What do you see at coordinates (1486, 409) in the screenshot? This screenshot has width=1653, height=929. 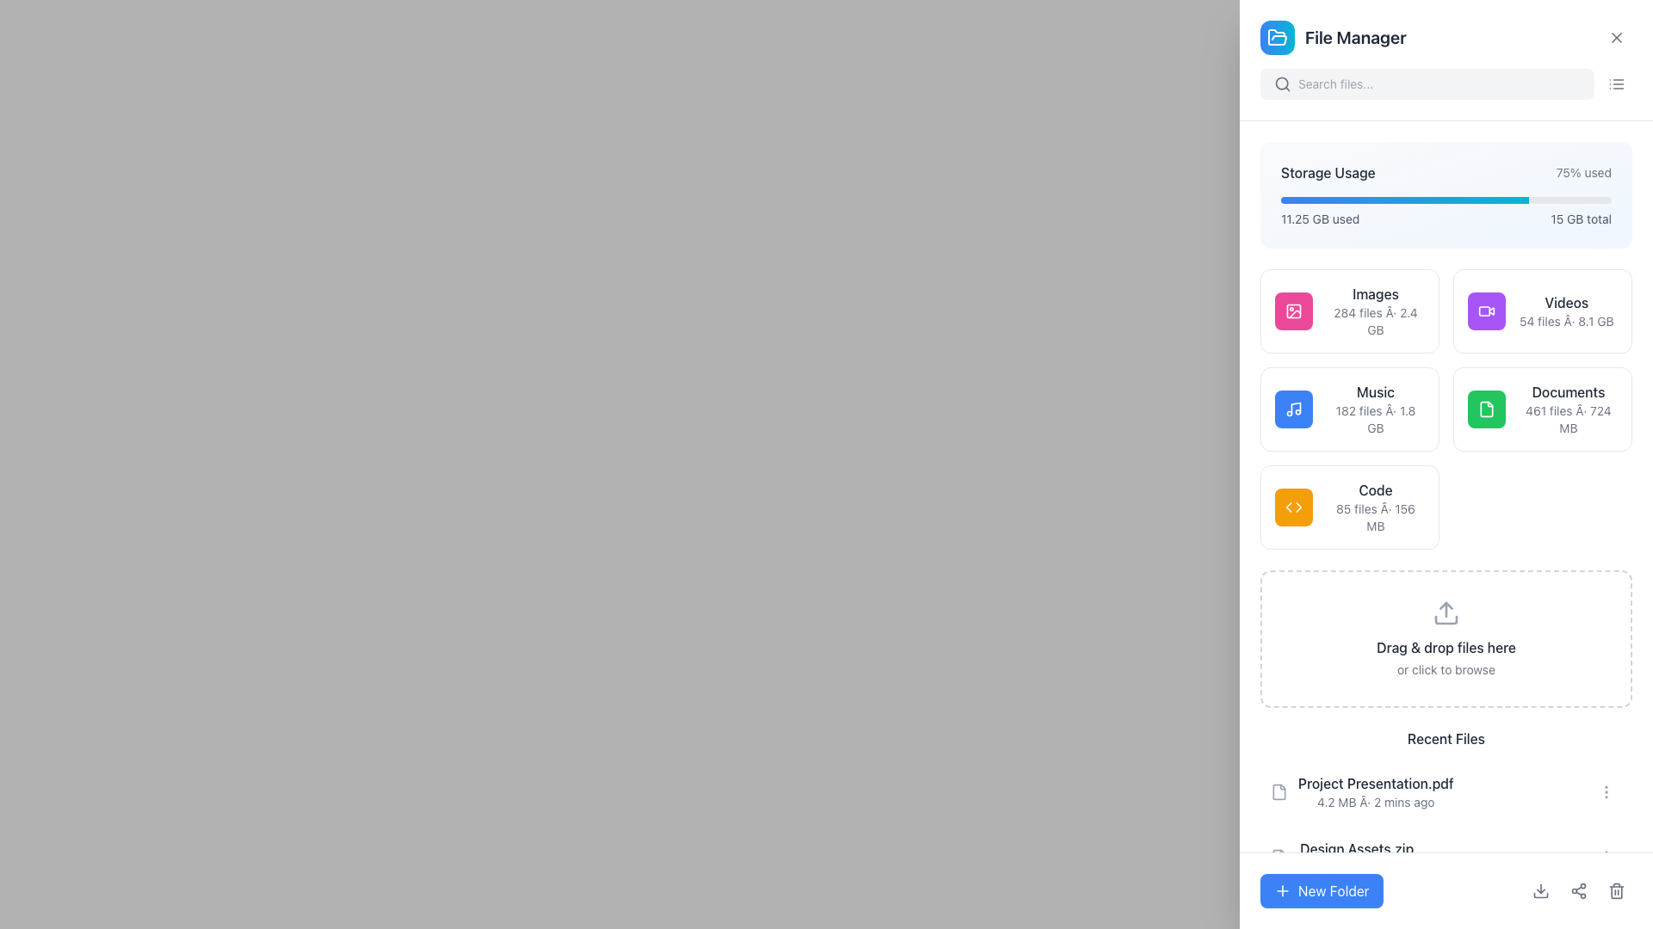 I see `the SVG icon that resembles a simplified document or file with a folded top-right corner, located in the 'Documents' card area on the right-hand side of the application` at bounding box center [1486, 409].